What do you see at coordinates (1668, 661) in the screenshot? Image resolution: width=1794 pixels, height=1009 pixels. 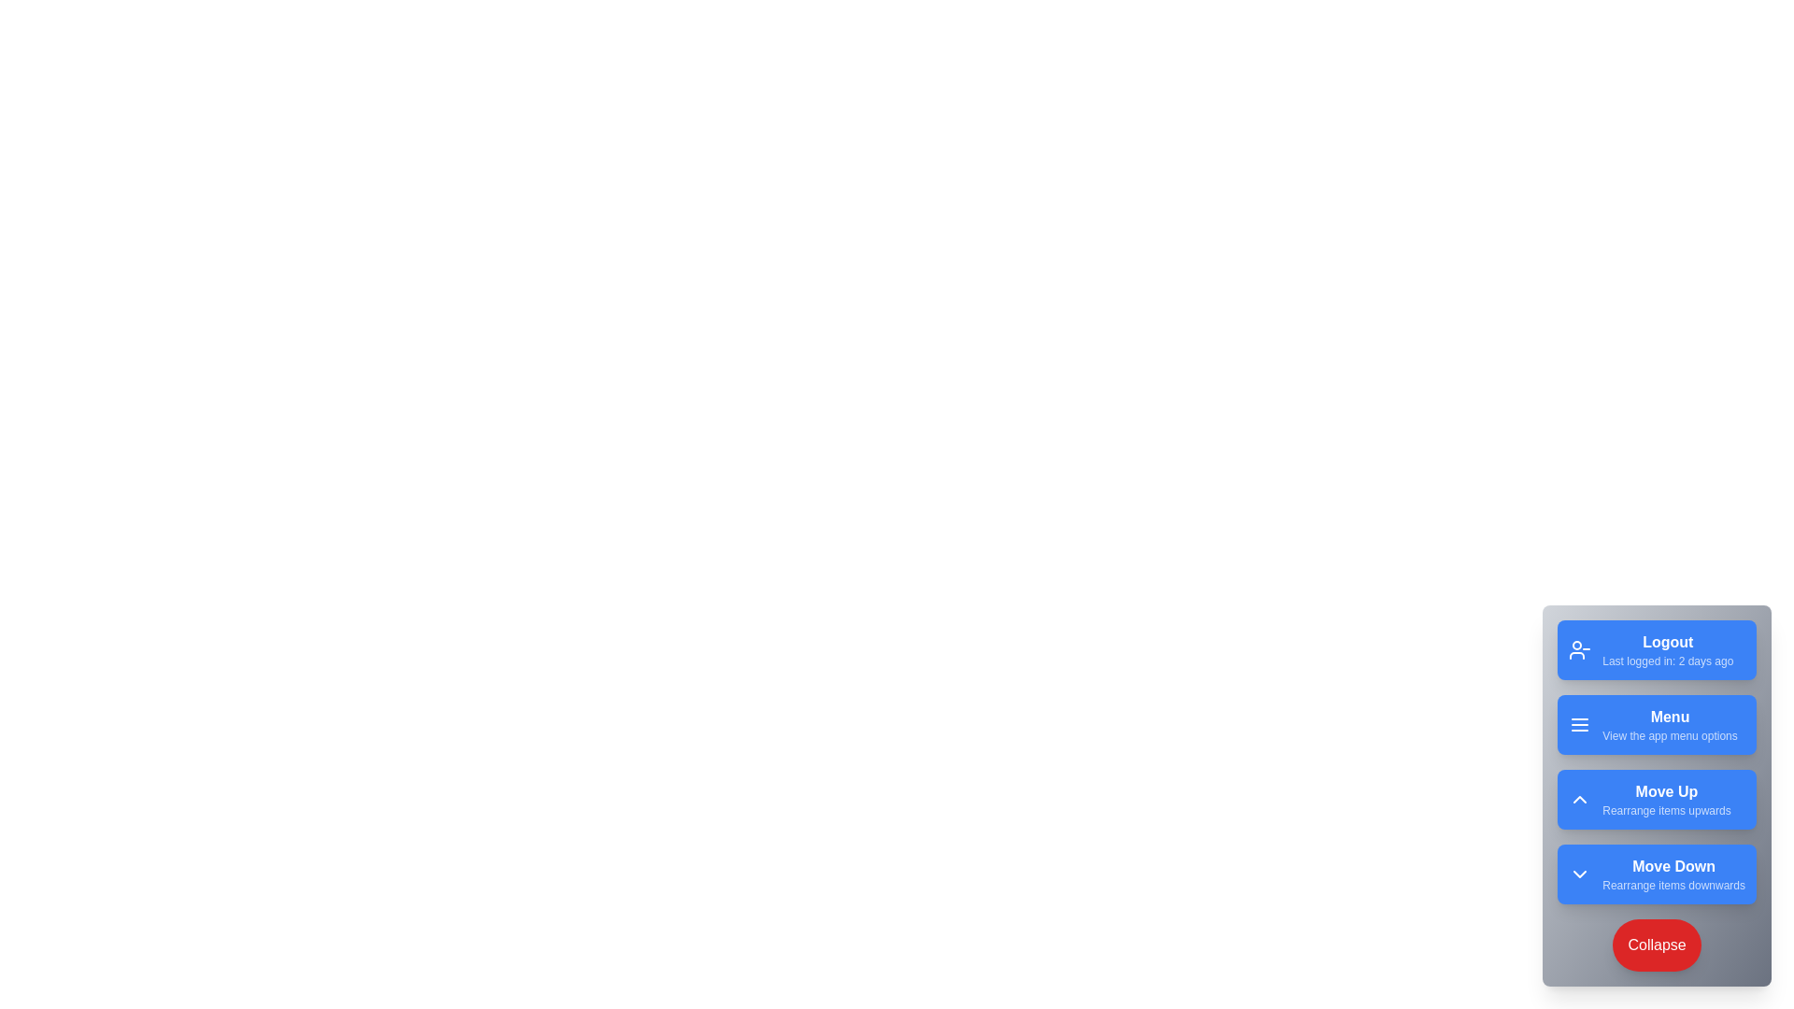 I see `the text label displaying 'Last logged in: 2 days ago', which is positioned below the 'Logout' label in the sidebar` at bounding box center [1668, 661].